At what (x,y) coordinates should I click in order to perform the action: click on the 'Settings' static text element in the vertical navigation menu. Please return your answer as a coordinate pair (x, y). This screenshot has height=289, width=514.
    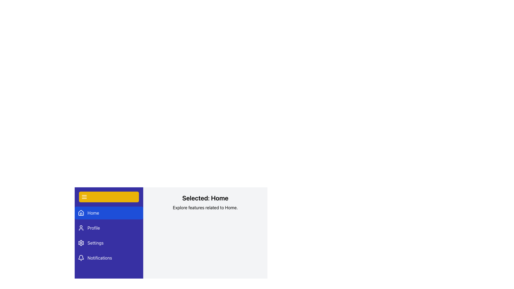
    Looking at the image, I should click on (95, 243).